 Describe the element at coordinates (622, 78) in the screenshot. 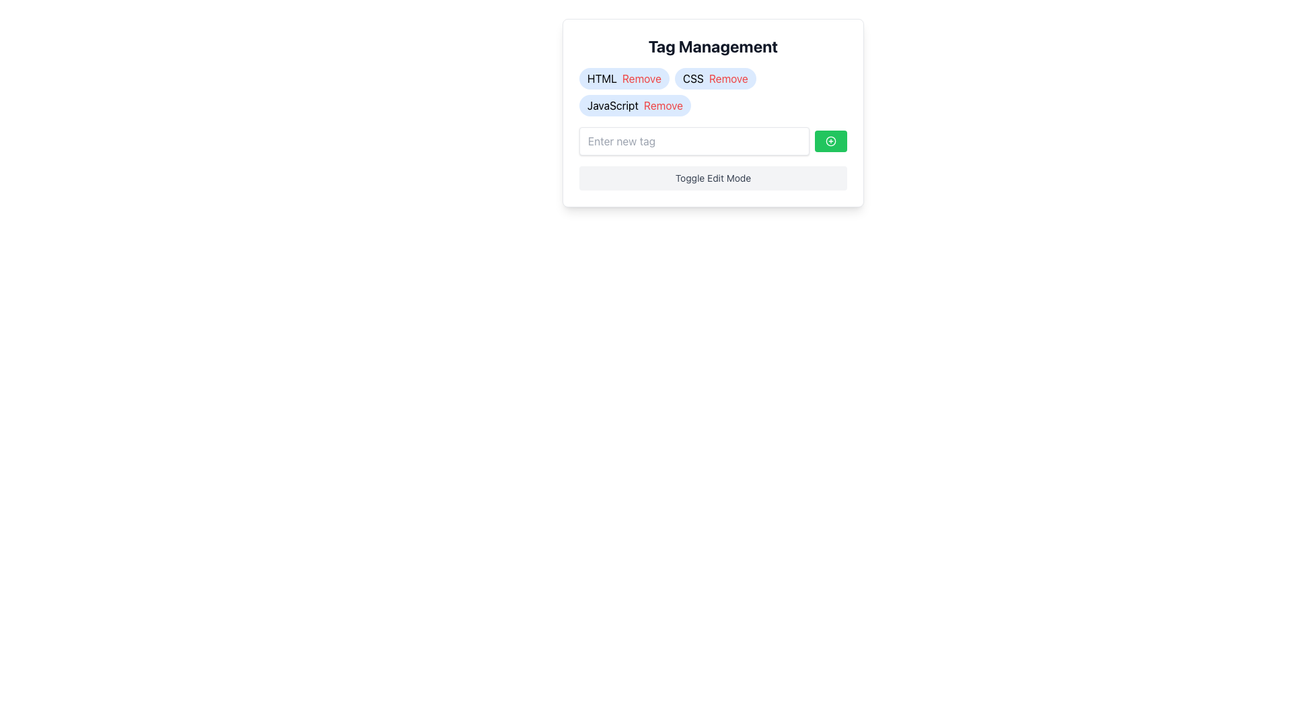

I see `the 'HTML' tag` at that location.